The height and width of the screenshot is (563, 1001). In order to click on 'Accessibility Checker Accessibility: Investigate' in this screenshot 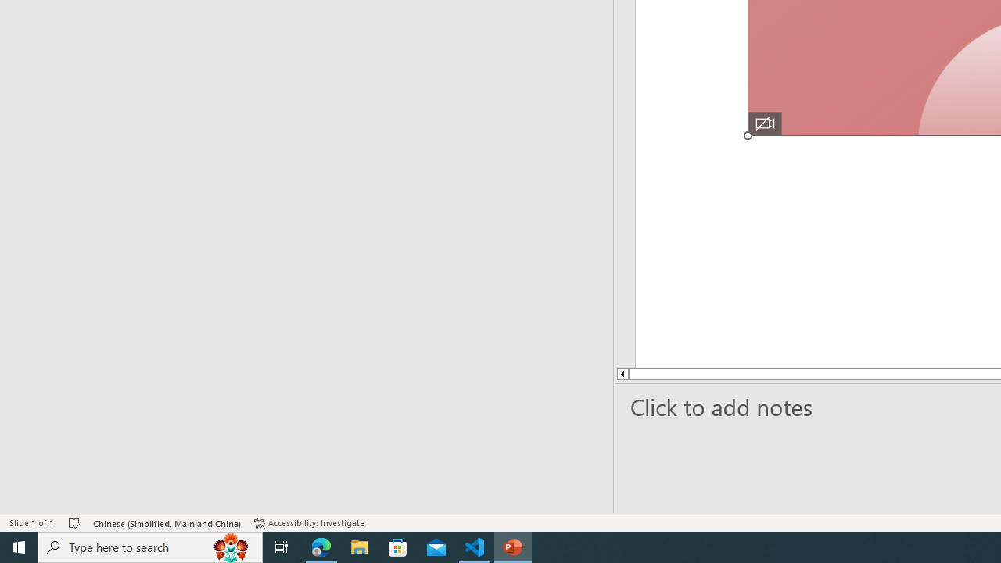, I will do `click(310, 523)`.